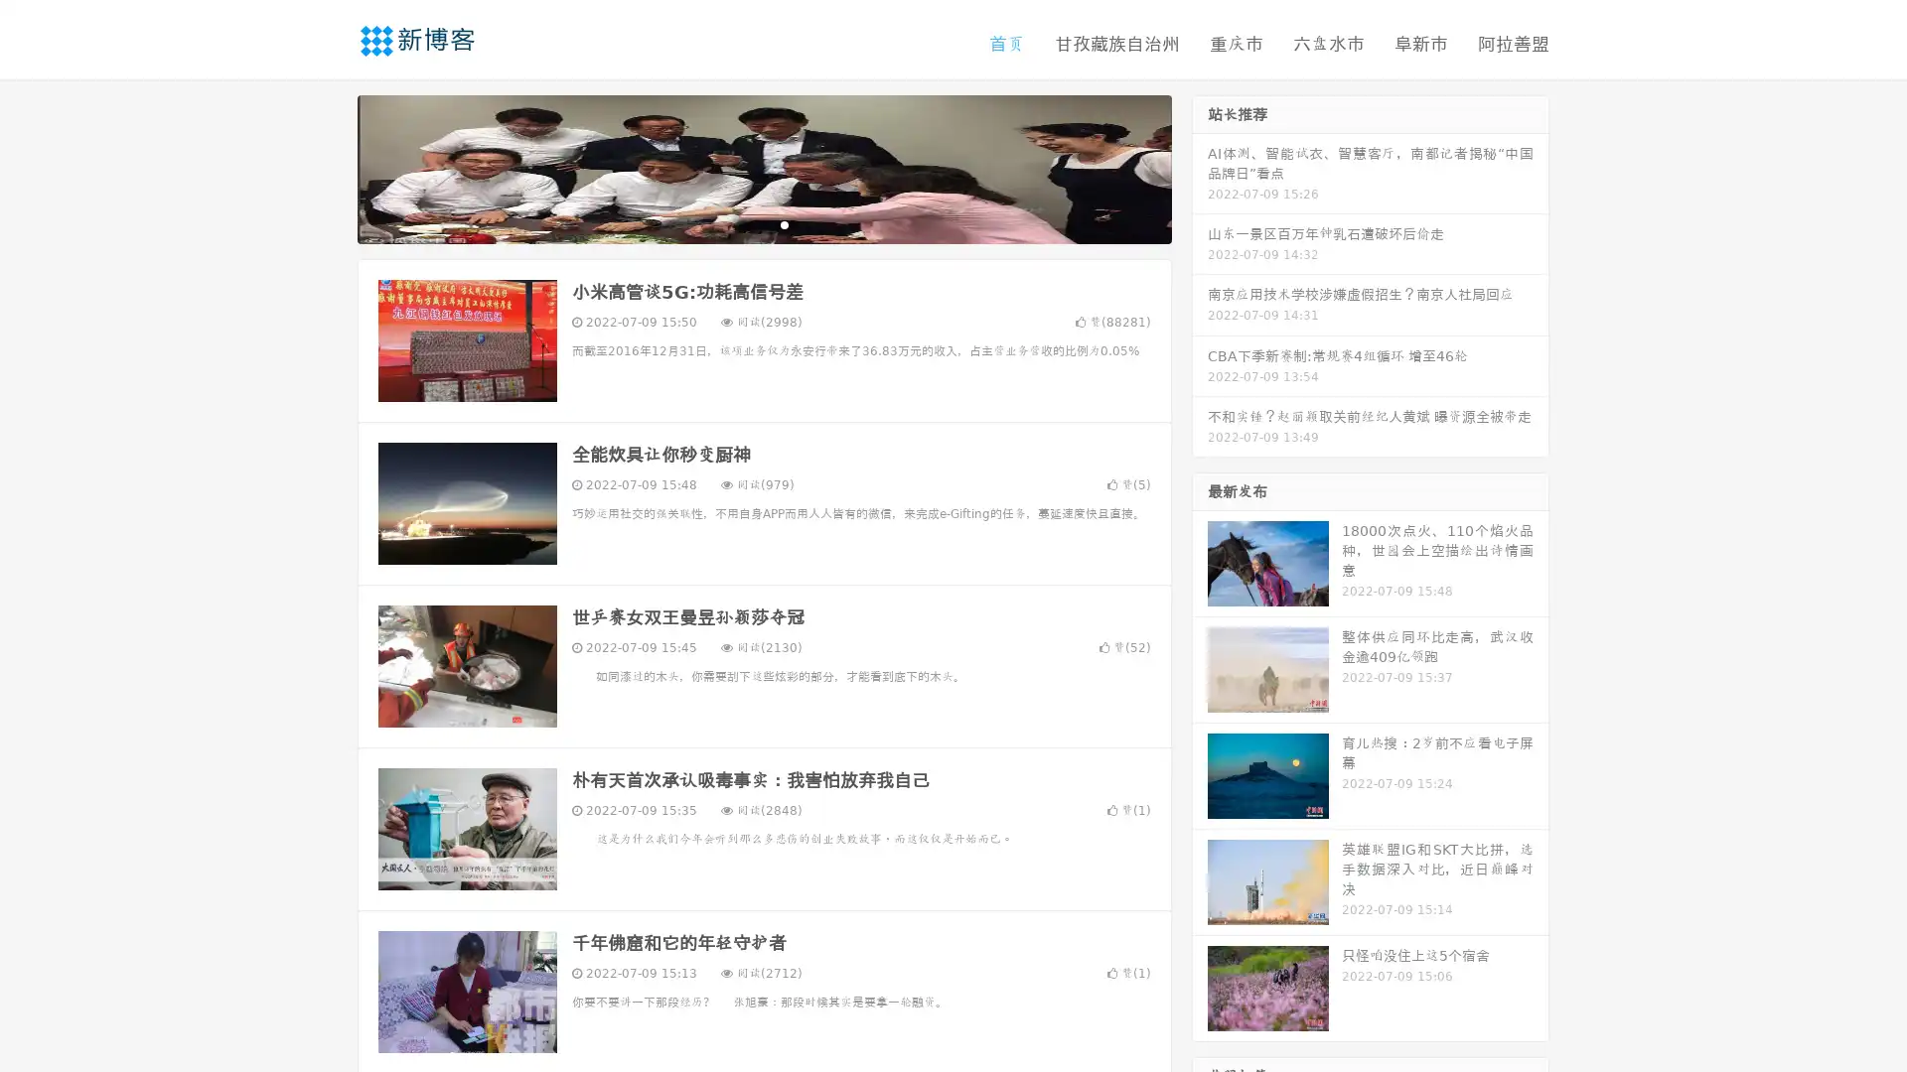 The height and width of the screenshot is (1072, 1907). Describe the element at coordinates (328, 167) in the screenshot. I see `Previous slide` at that location.